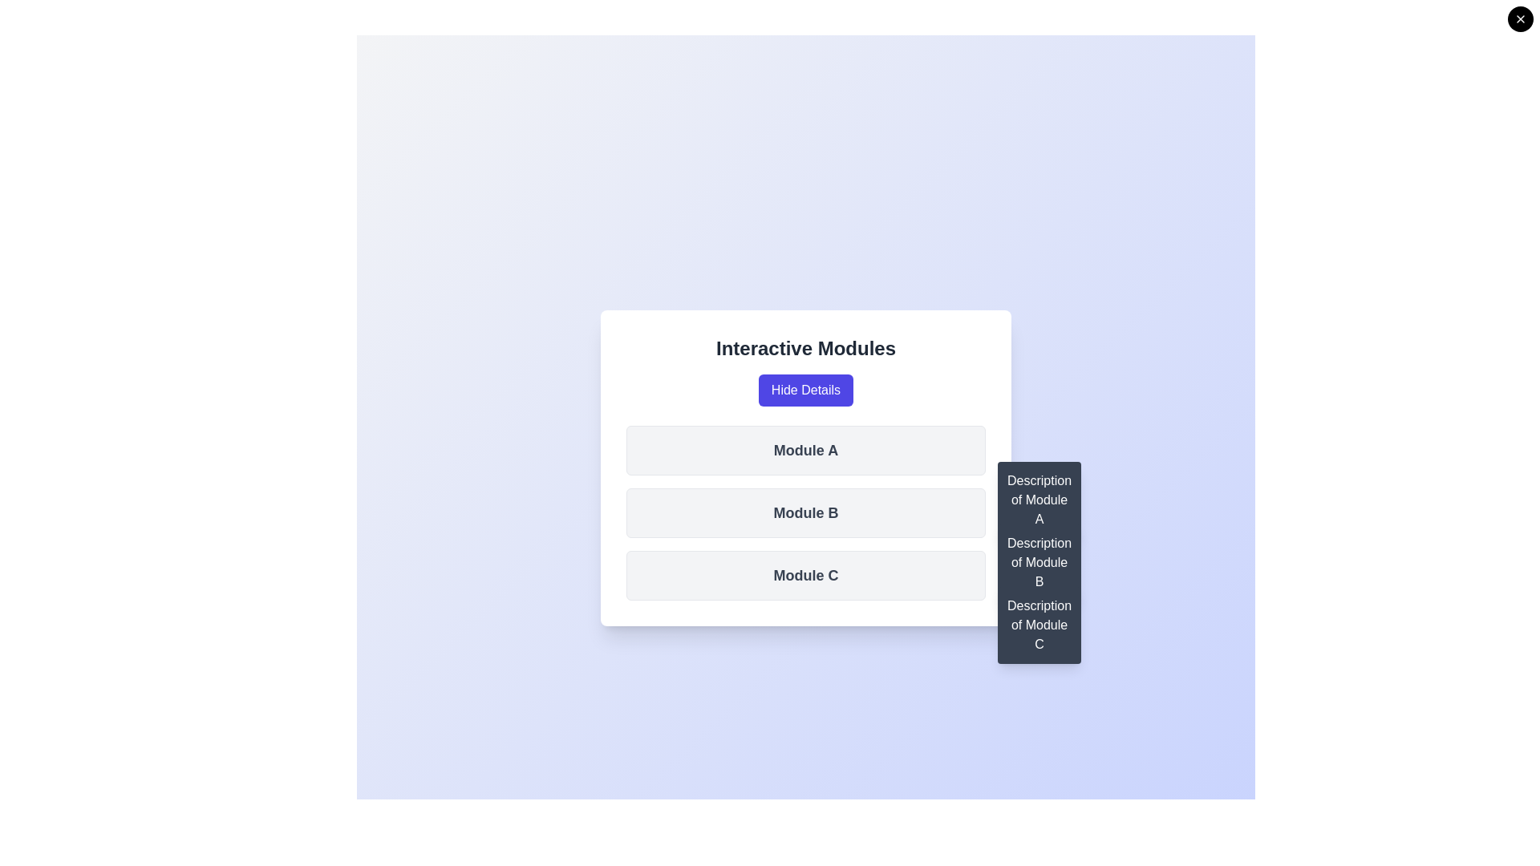 Image resolution: width=1540 pixels, height=866 pixels. I want to click on the text label reading 'Module A', so click(805, 451).